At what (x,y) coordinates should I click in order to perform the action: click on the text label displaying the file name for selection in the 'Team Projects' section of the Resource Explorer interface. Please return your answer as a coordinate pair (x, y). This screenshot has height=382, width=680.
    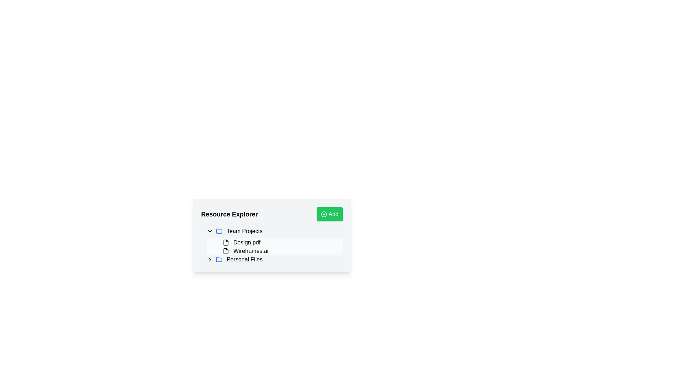
    Looking at the image, I should click on (247, 242).